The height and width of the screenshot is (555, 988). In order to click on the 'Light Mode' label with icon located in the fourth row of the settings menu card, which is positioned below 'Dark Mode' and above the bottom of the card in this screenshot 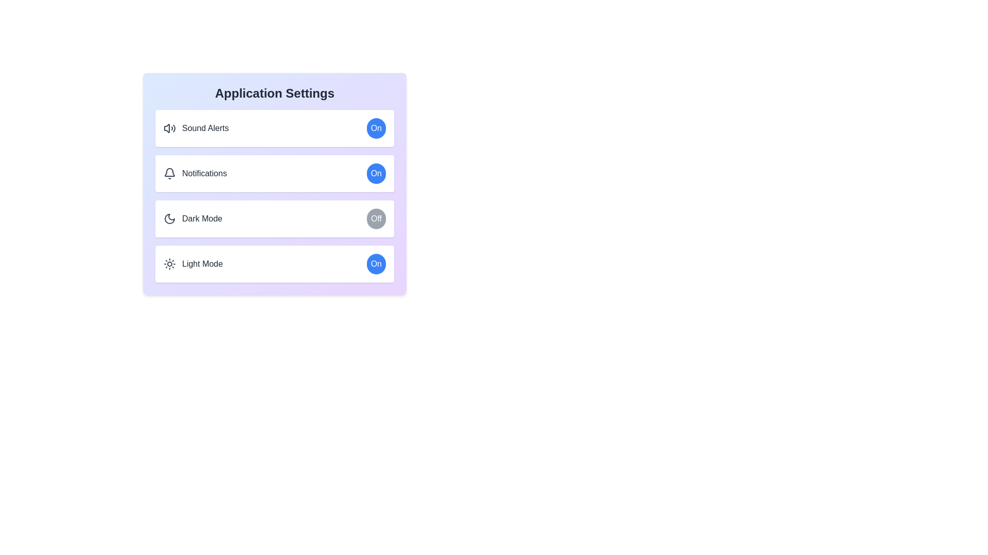, I will do `click(193, 263)`.